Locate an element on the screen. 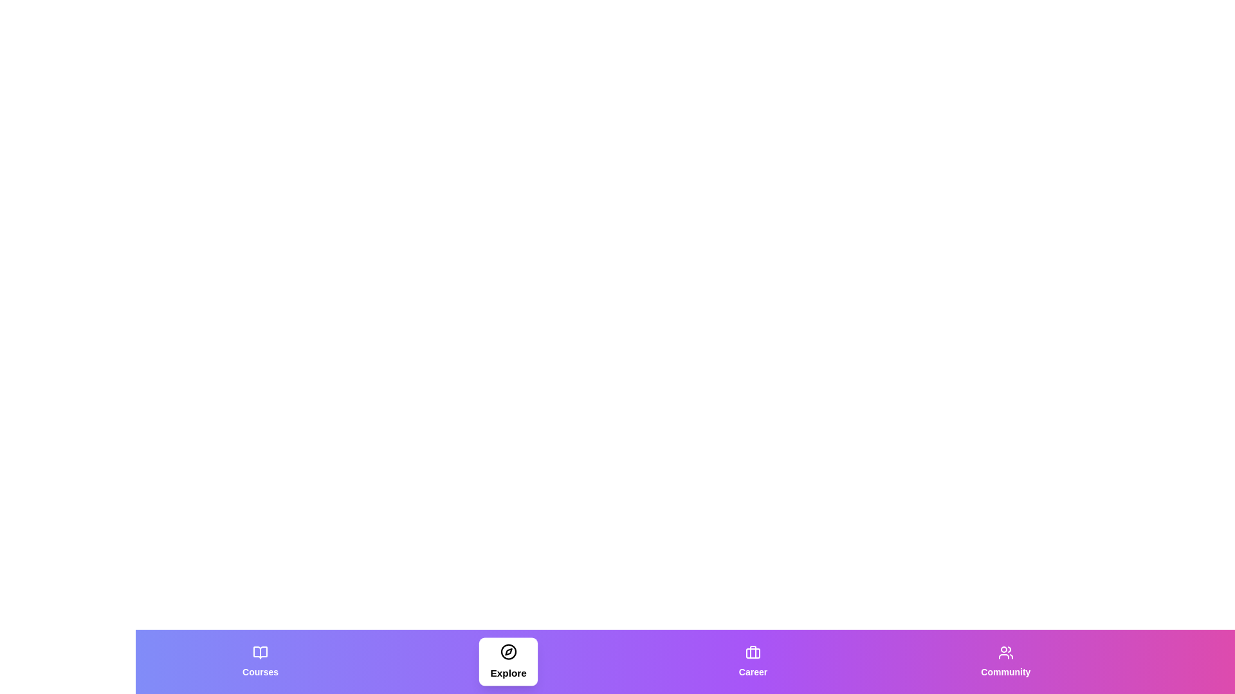 This screenshot has width=1235, height=694. the tab labeled Career is located at coordinates (753, 661).